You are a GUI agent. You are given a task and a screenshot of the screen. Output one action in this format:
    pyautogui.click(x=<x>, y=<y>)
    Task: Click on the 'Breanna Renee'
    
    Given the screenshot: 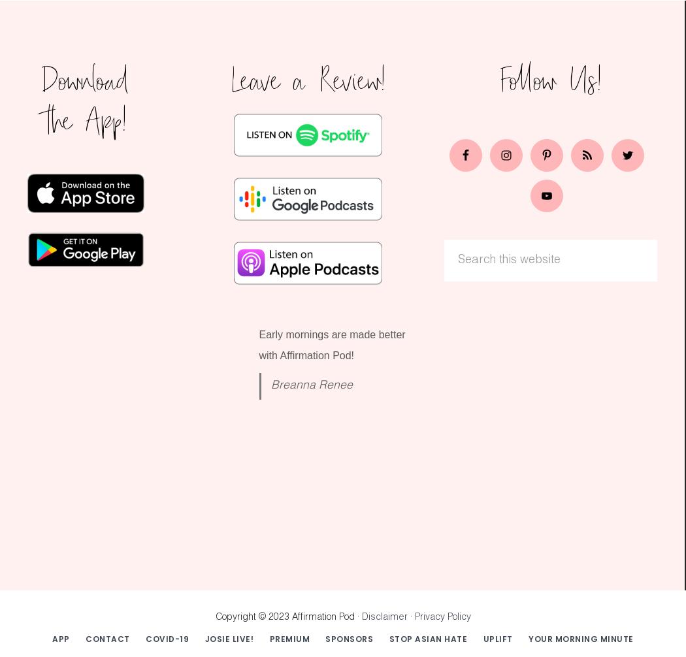 What is the action you would take?
    pyautogui.click(x=305, y=385)
    